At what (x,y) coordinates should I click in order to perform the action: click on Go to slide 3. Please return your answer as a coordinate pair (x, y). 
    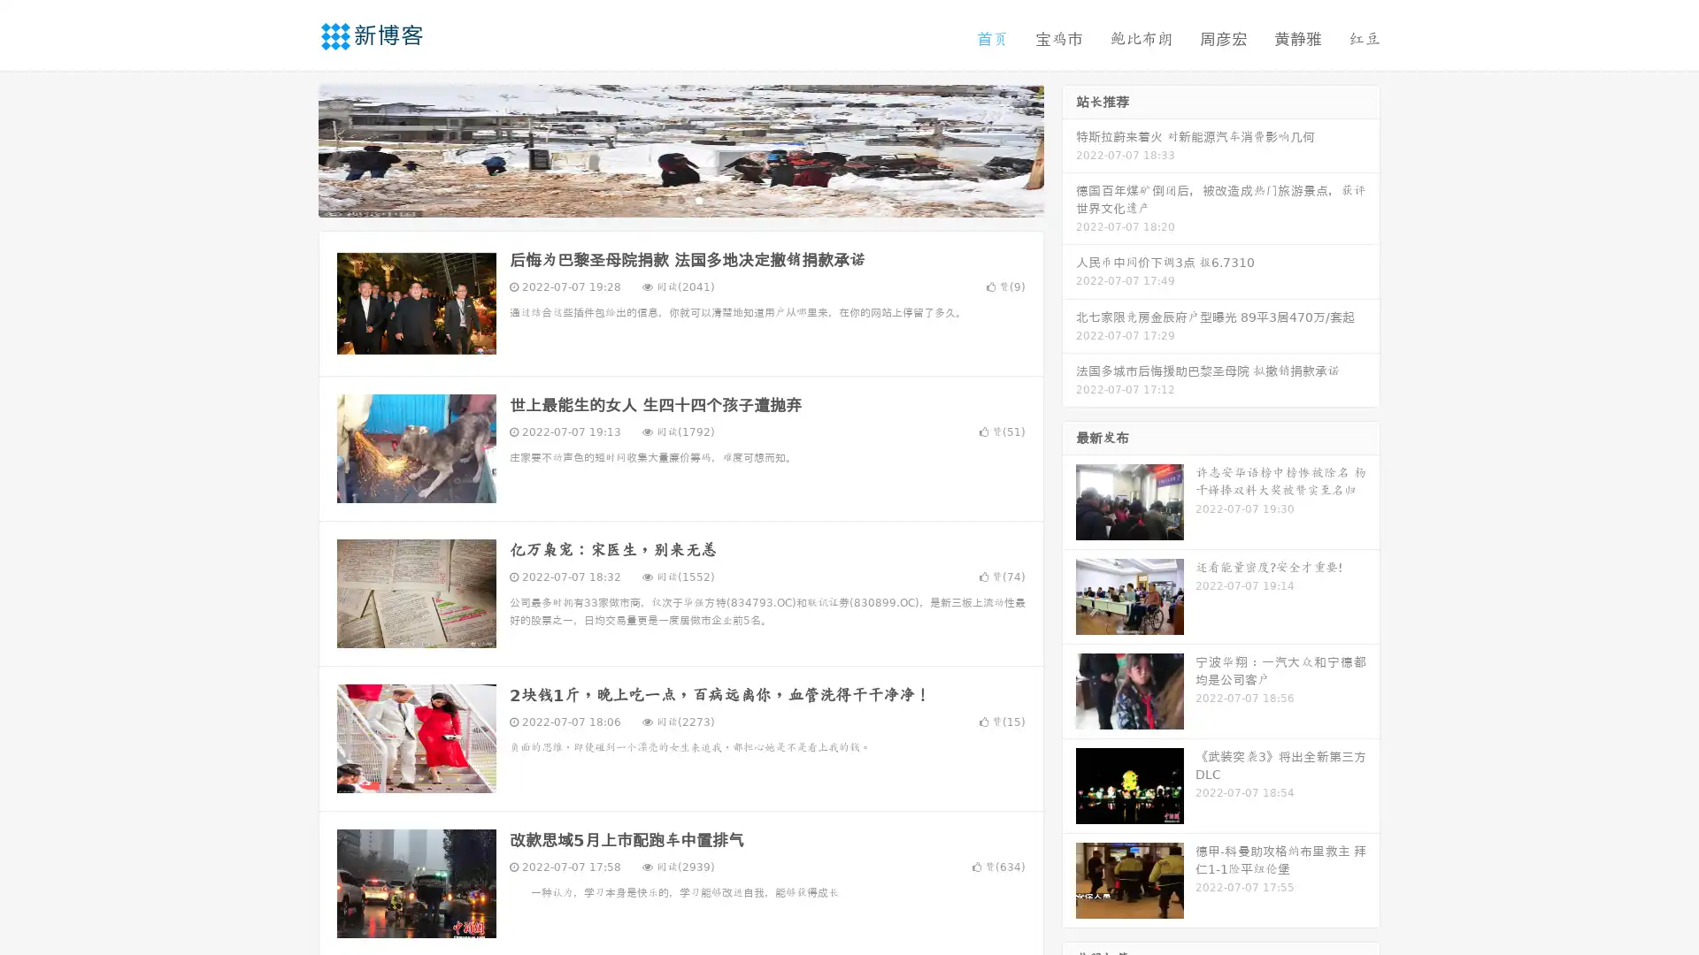
    Looking at the image, I should click on (698, 199).